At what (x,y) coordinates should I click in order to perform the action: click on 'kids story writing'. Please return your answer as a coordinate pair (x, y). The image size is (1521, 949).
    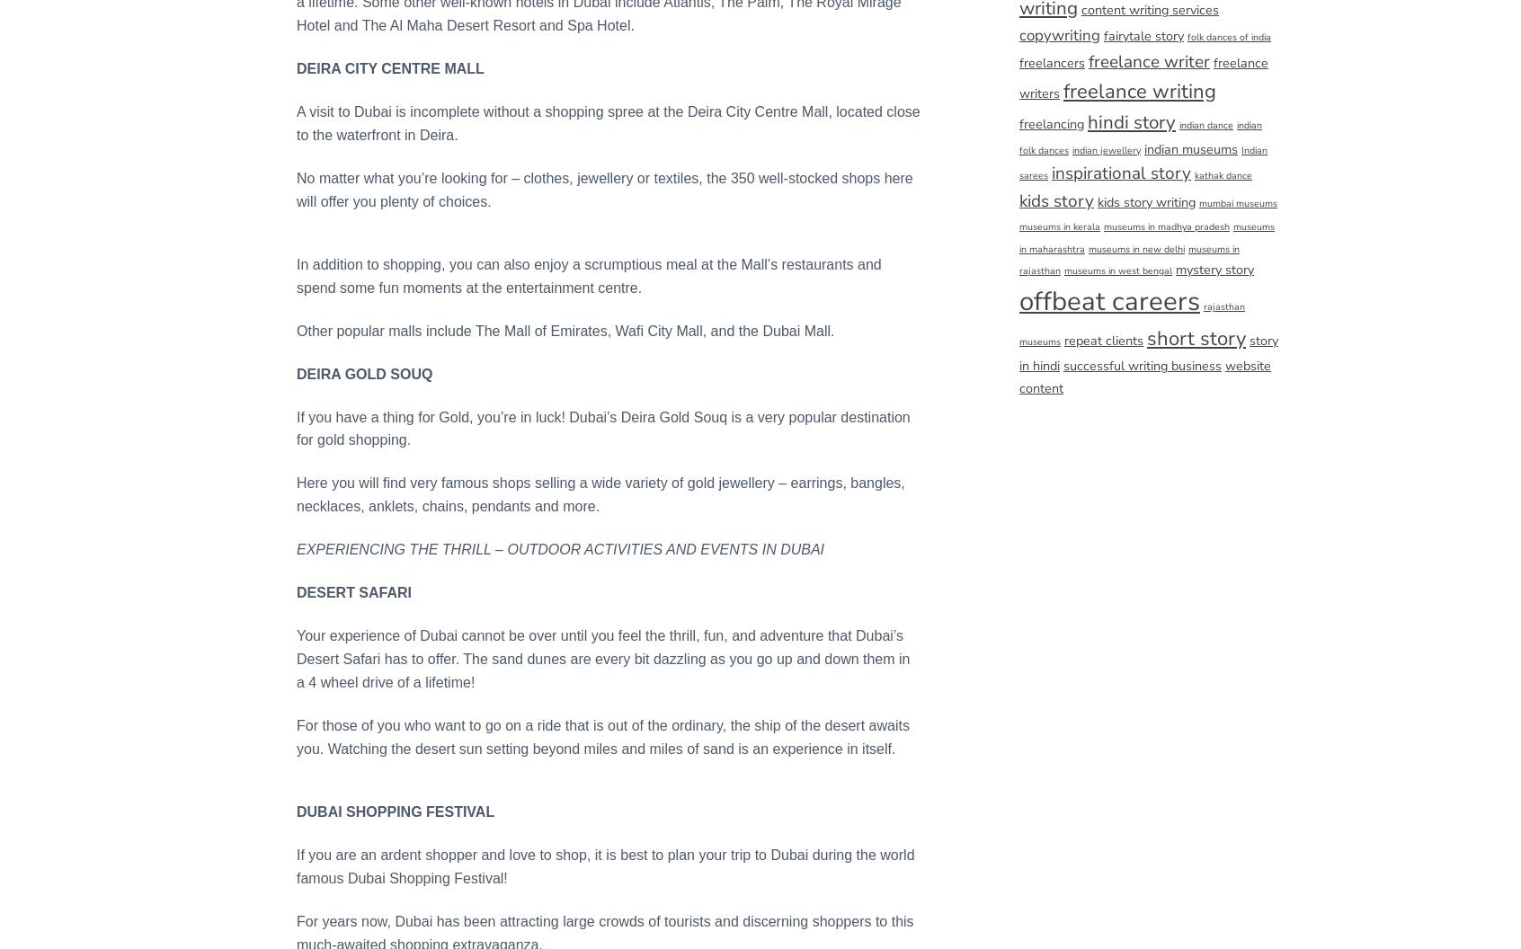
    Looking at the image, I should click on (1145, 200).